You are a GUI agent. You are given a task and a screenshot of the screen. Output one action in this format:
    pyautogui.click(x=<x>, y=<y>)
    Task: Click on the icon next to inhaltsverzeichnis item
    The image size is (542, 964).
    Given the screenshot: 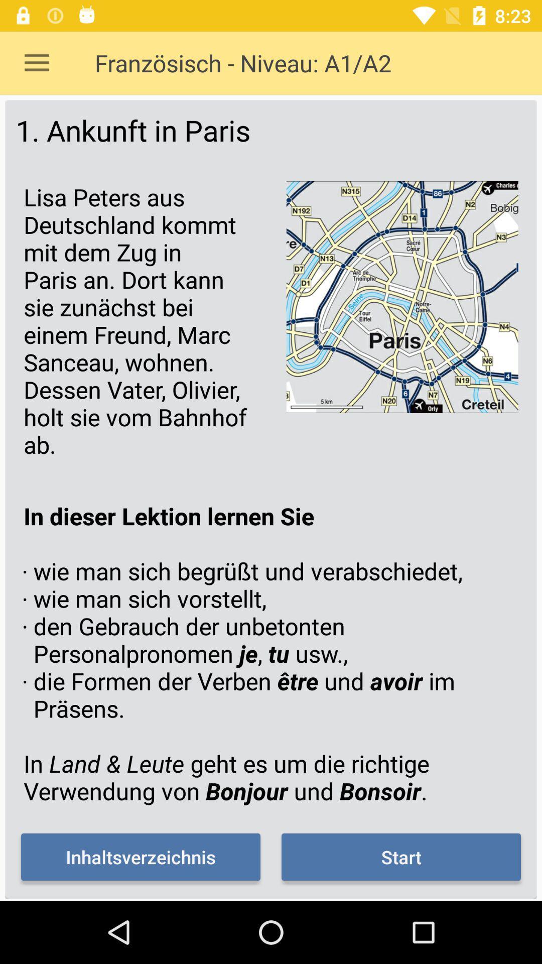 What is the action you would take?
    pyautogui.click(x=400, y=857)
    